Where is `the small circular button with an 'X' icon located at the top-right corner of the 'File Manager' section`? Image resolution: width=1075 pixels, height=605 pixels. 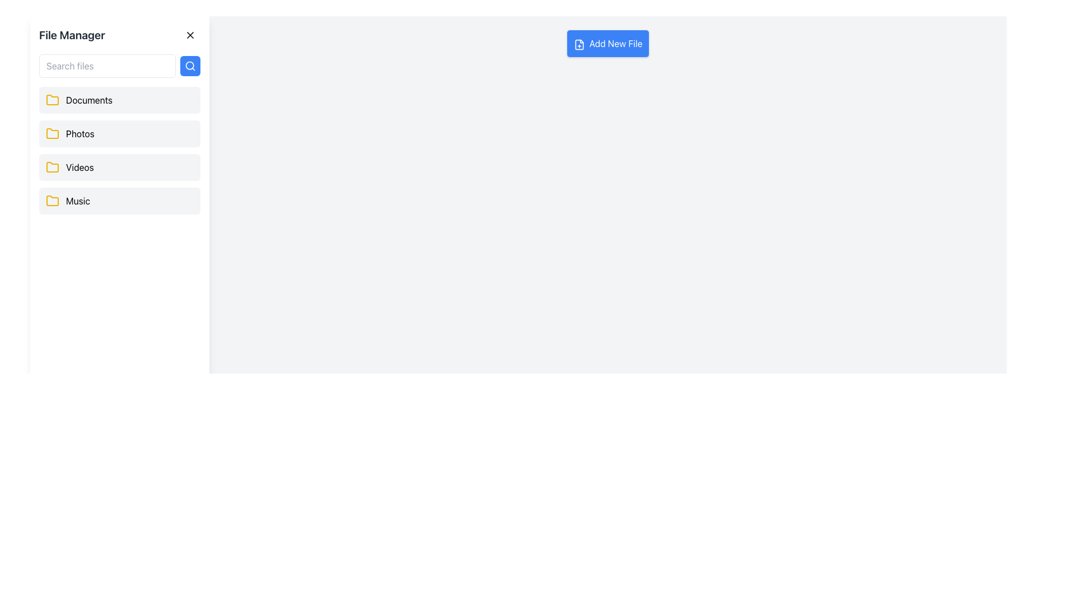
the small circular button with an 'X' icon located at the top-right corner of the 'File Manager' section is located at coordinates (190, 34).